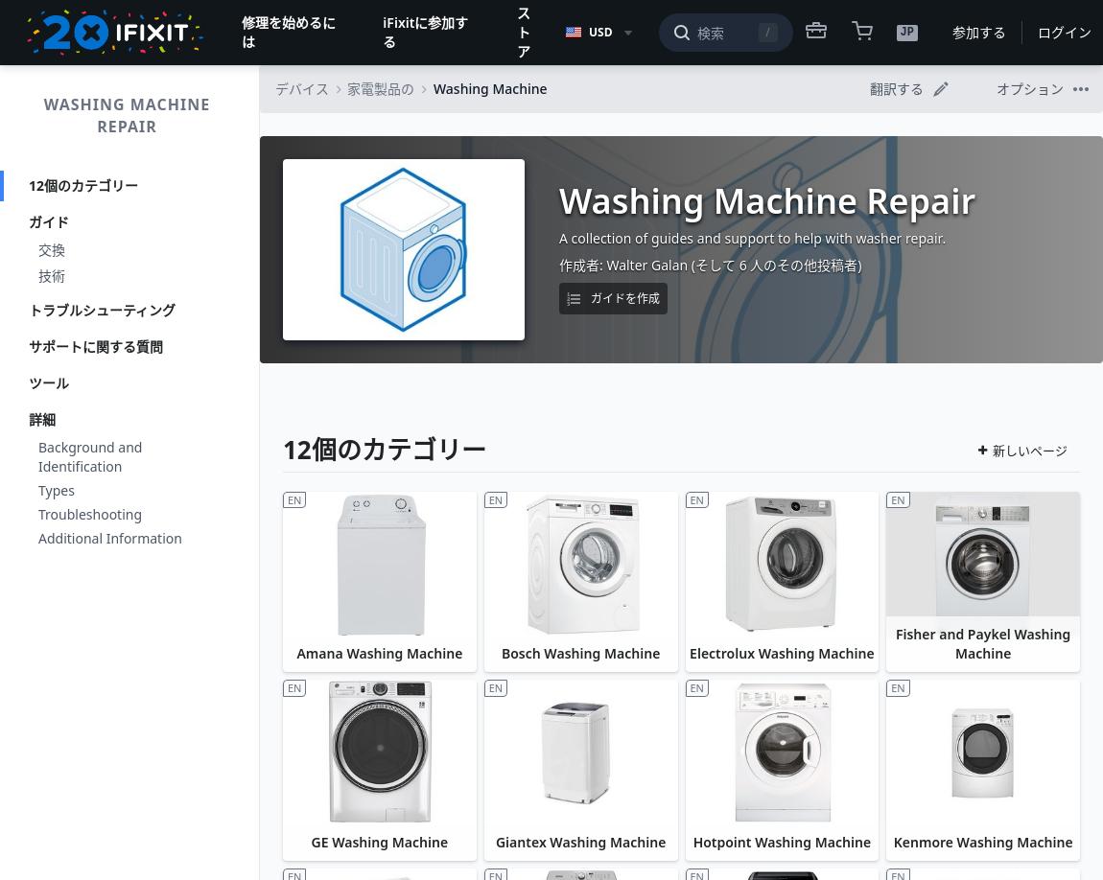 The image size is (1103, 880). Describe the element at coordinates (579, 840) in the screenshot. I see `'Giantex Washing Machine'` at that location.